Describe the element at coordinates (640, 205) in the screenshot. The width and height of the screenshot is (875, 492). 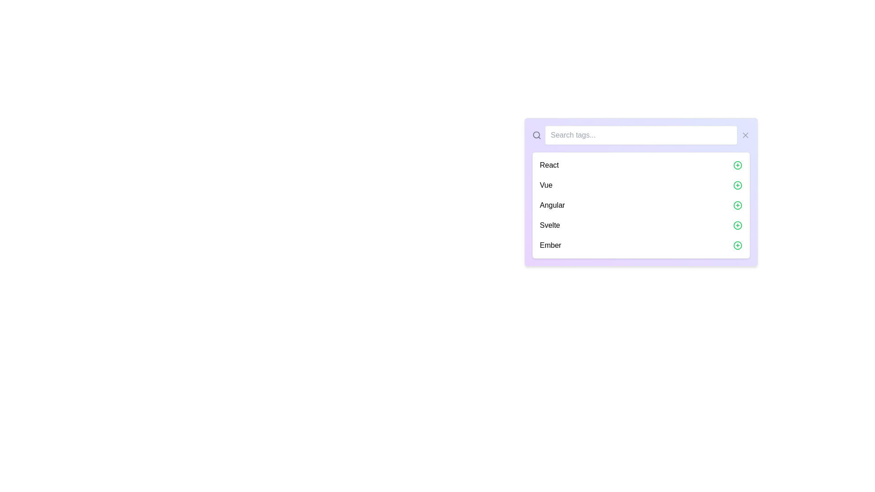
I see `the selectable item in the list labeled 'Angular' which is part of a larger UI component for programming frameworks` at that location.